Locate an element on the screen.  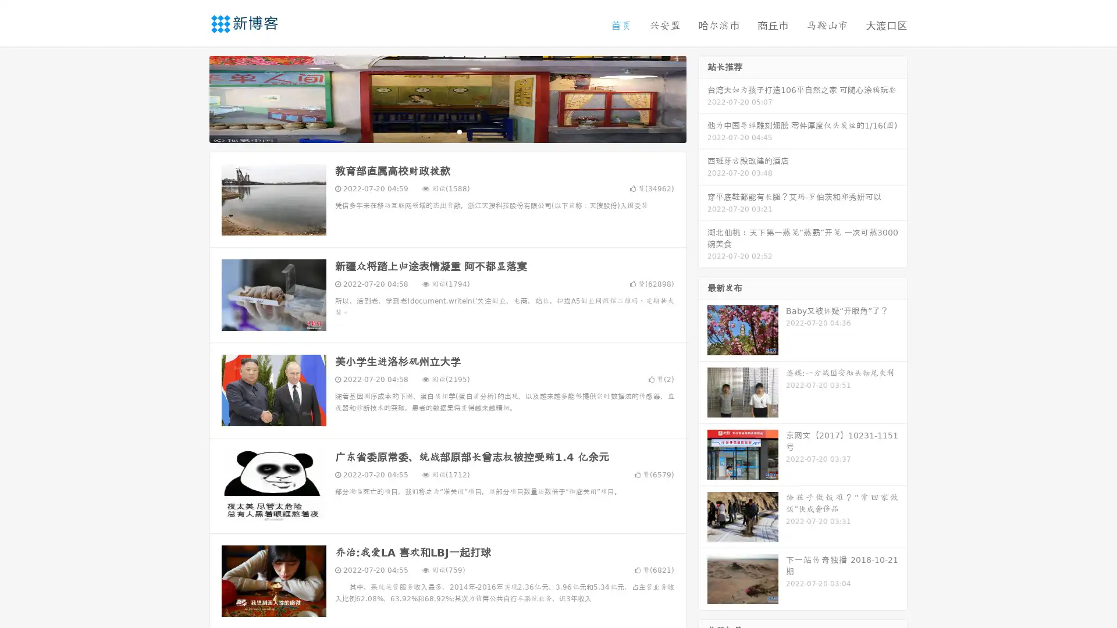
Previous slide is located at coordinates (192, 98).